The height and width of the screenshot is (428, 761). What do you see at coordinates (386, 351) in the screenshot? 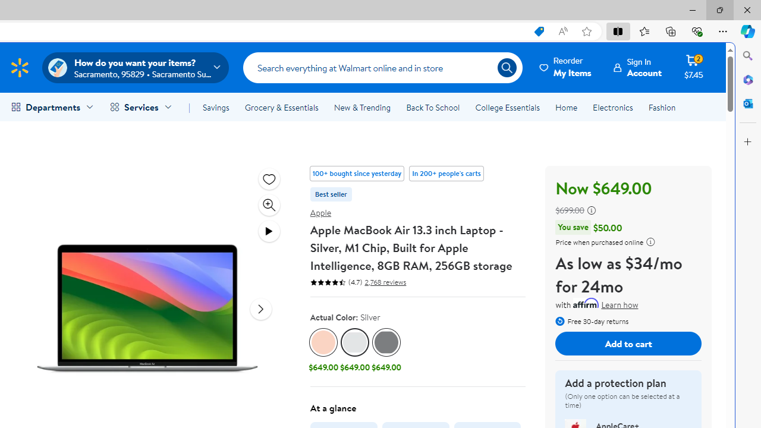
I see `'Space Gray, $649.00'` at bounding box center [386, 351].